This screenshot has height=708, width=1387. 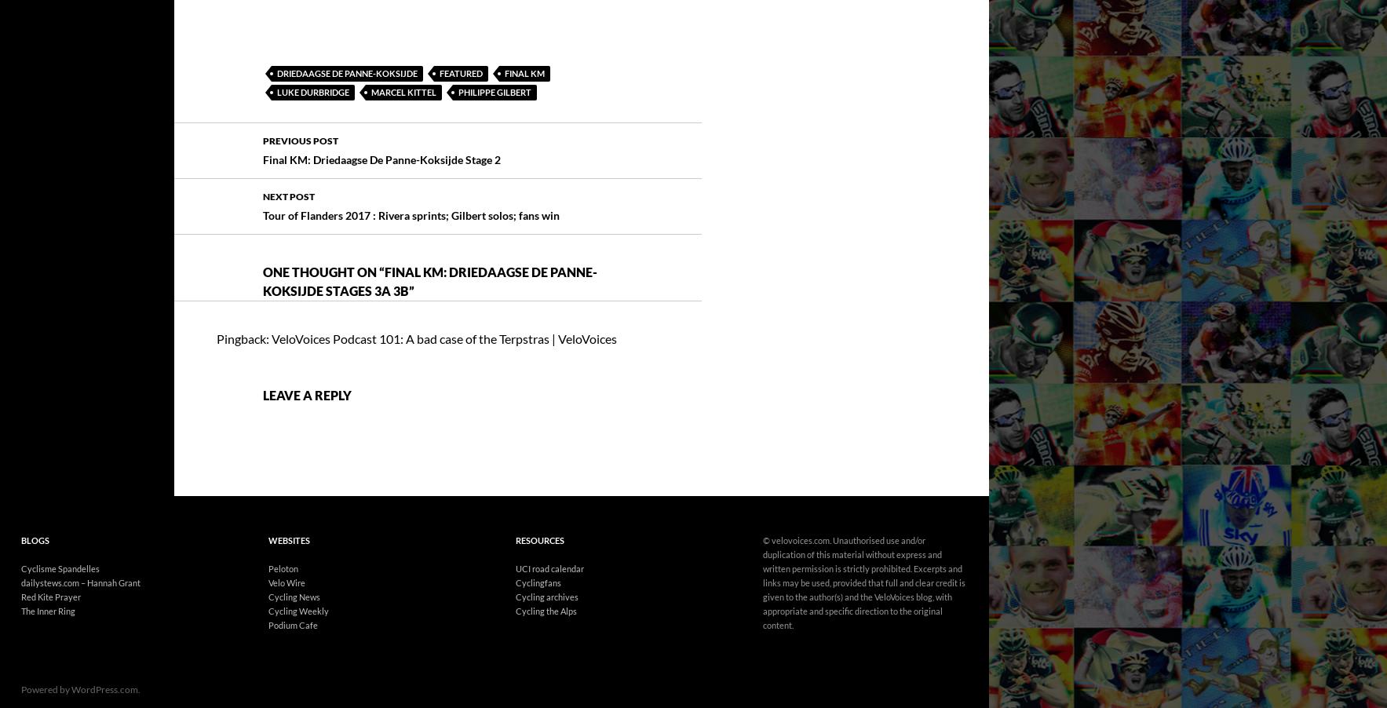 I want to click on 'Marcel Kittel', so click(x=403, y=47).